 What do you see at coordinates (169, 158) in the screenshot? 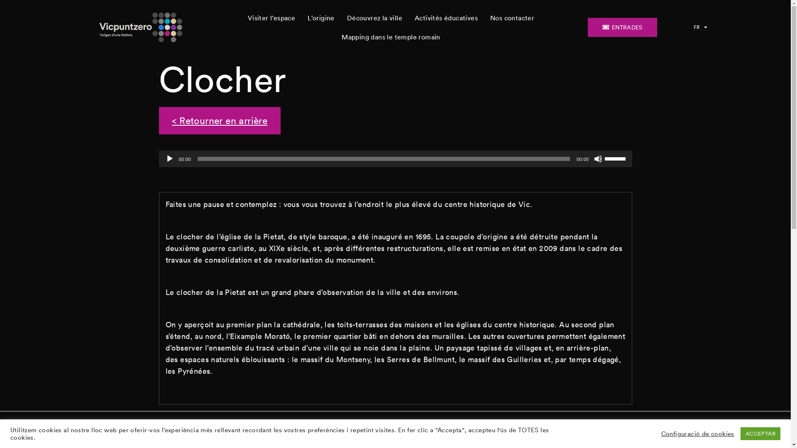
I see `'Lecture'` at bounding box center [169, 158].